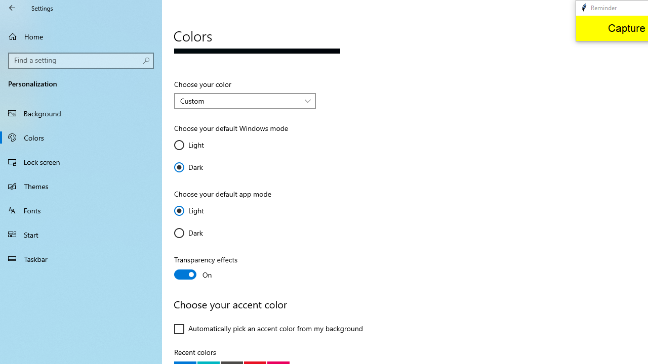 The width and height of the screenshot is (648, 364). What do you see at coordinates (245, 101) in the screenshot?
I see `'Choose your color'` at bounding box center [245, 101].